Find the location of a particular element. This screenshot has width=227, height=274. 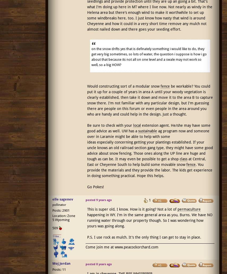

'be workable? You could put it up for a couple of years in area A until your woody vegetation is clearly established, then take it down and move it to the  area B to capture snow there.  I'm not familiar with any particular design, but I'm guessing there are people on this forum or even people in the area around you who are handy and could help in the design.  Just a thought.' is located at coordinates (149, 100).